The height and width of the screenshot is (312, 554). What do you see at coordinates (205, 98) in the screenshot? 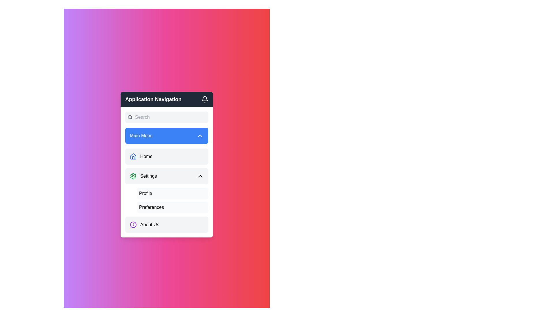
I see `on the bell icon located at the top-right corner of the header section` at bounding box center [205, 98].